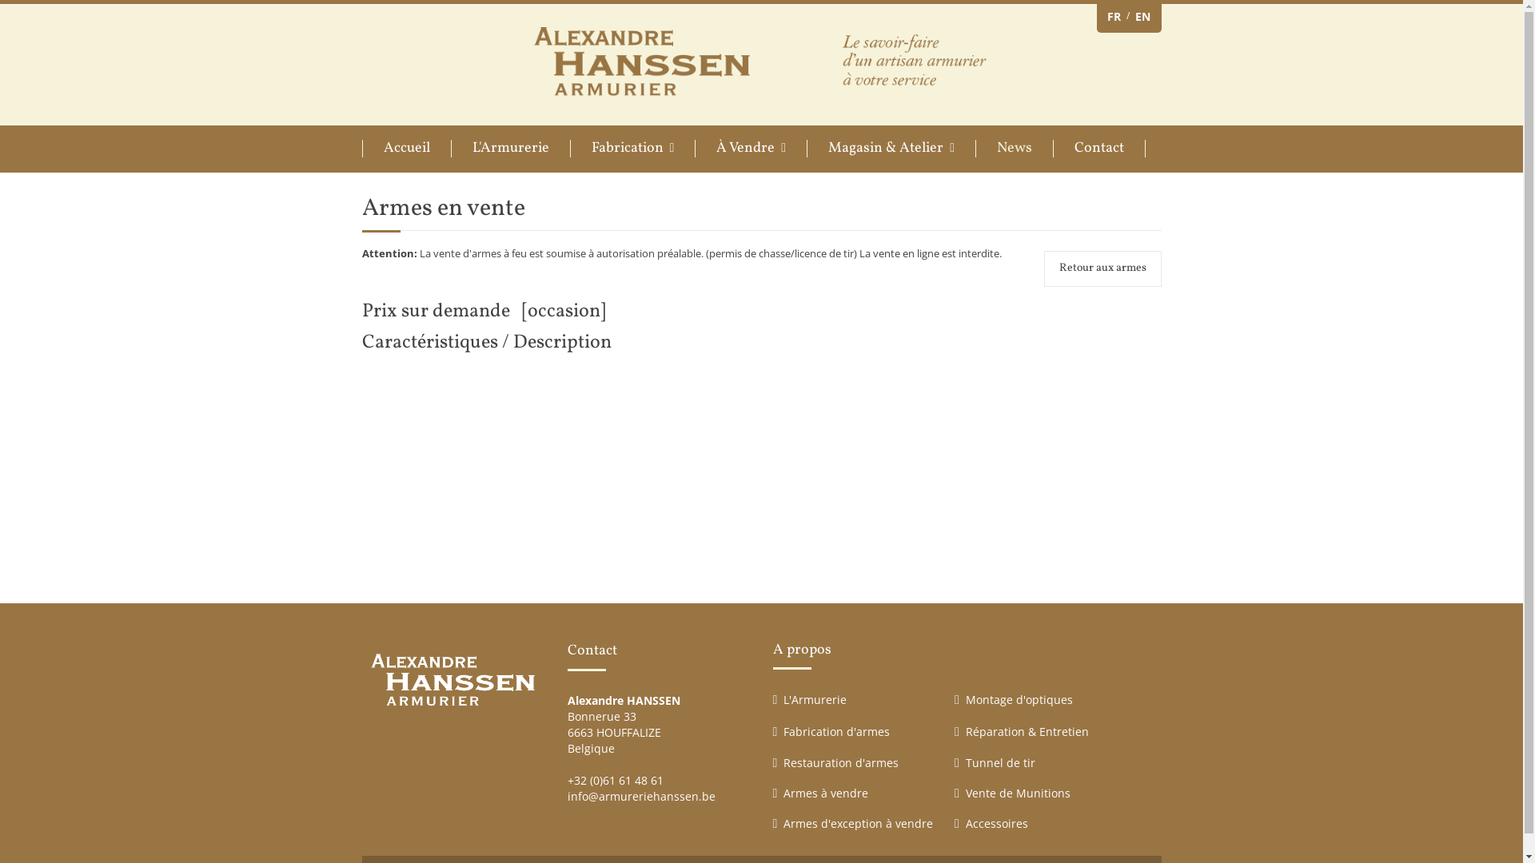  I want to click on 'Magasin & Atelier', so click(890, 148).